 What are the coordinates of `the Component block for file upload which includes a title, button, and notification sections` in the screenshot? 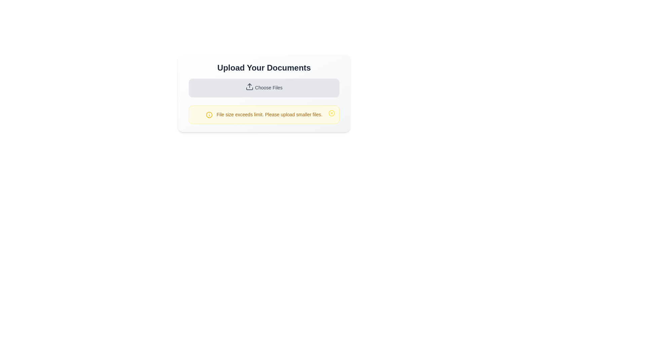 It's located at (264, 93).